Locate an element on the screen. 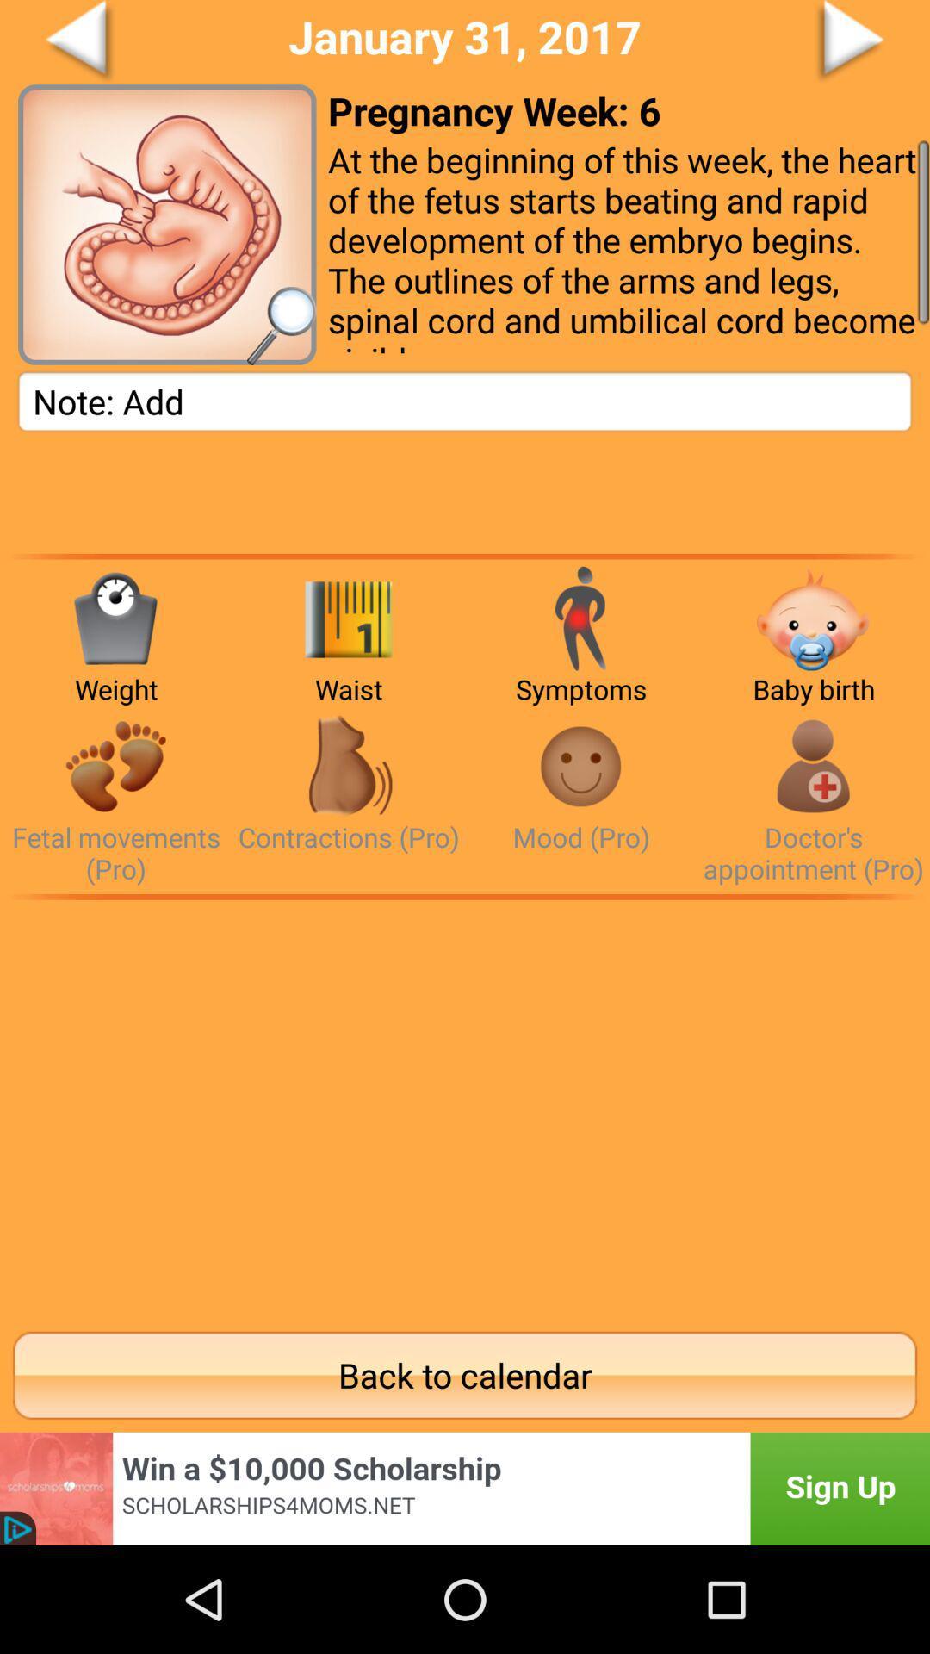 The image size is (930, 1654). go forward is located at coordinates (785, 42).